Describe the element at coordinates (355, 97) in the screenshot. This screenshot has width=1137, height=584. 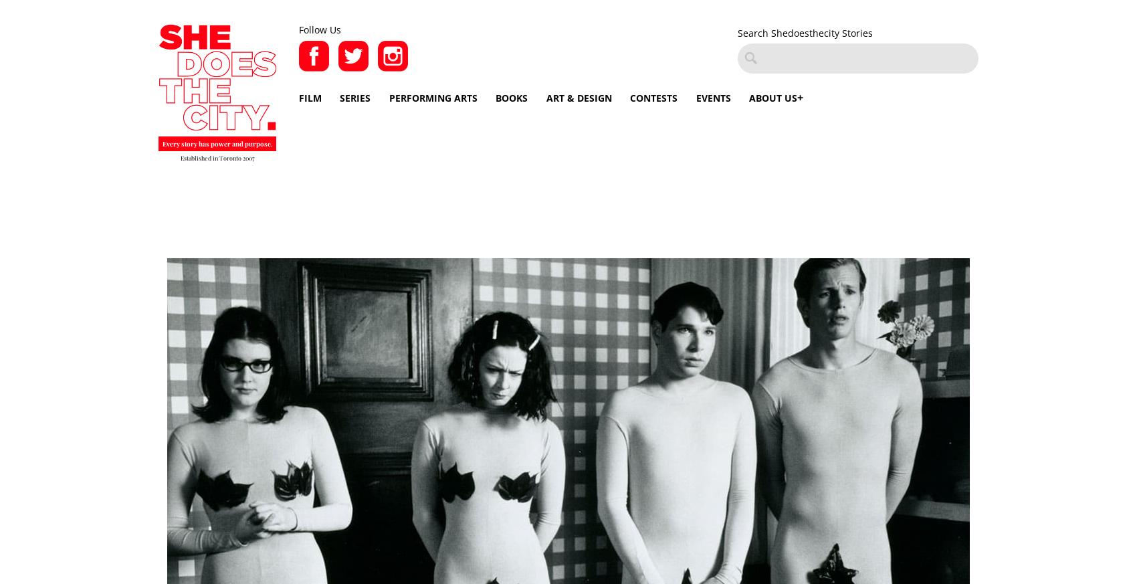
I see `'Series'` at that location.